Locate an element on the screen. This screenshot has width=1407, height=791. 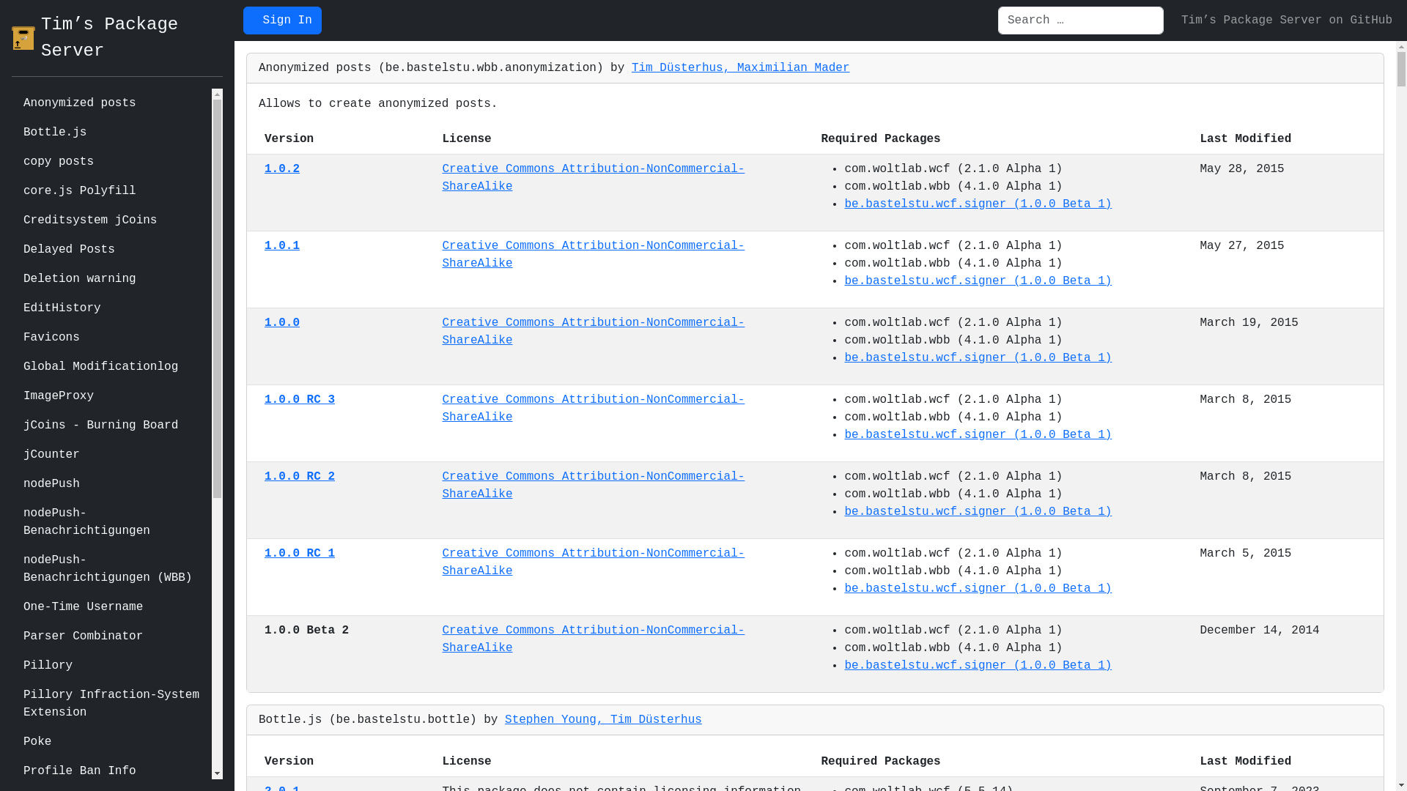
'Parser Combinator' is located at coordinates (111, 635).